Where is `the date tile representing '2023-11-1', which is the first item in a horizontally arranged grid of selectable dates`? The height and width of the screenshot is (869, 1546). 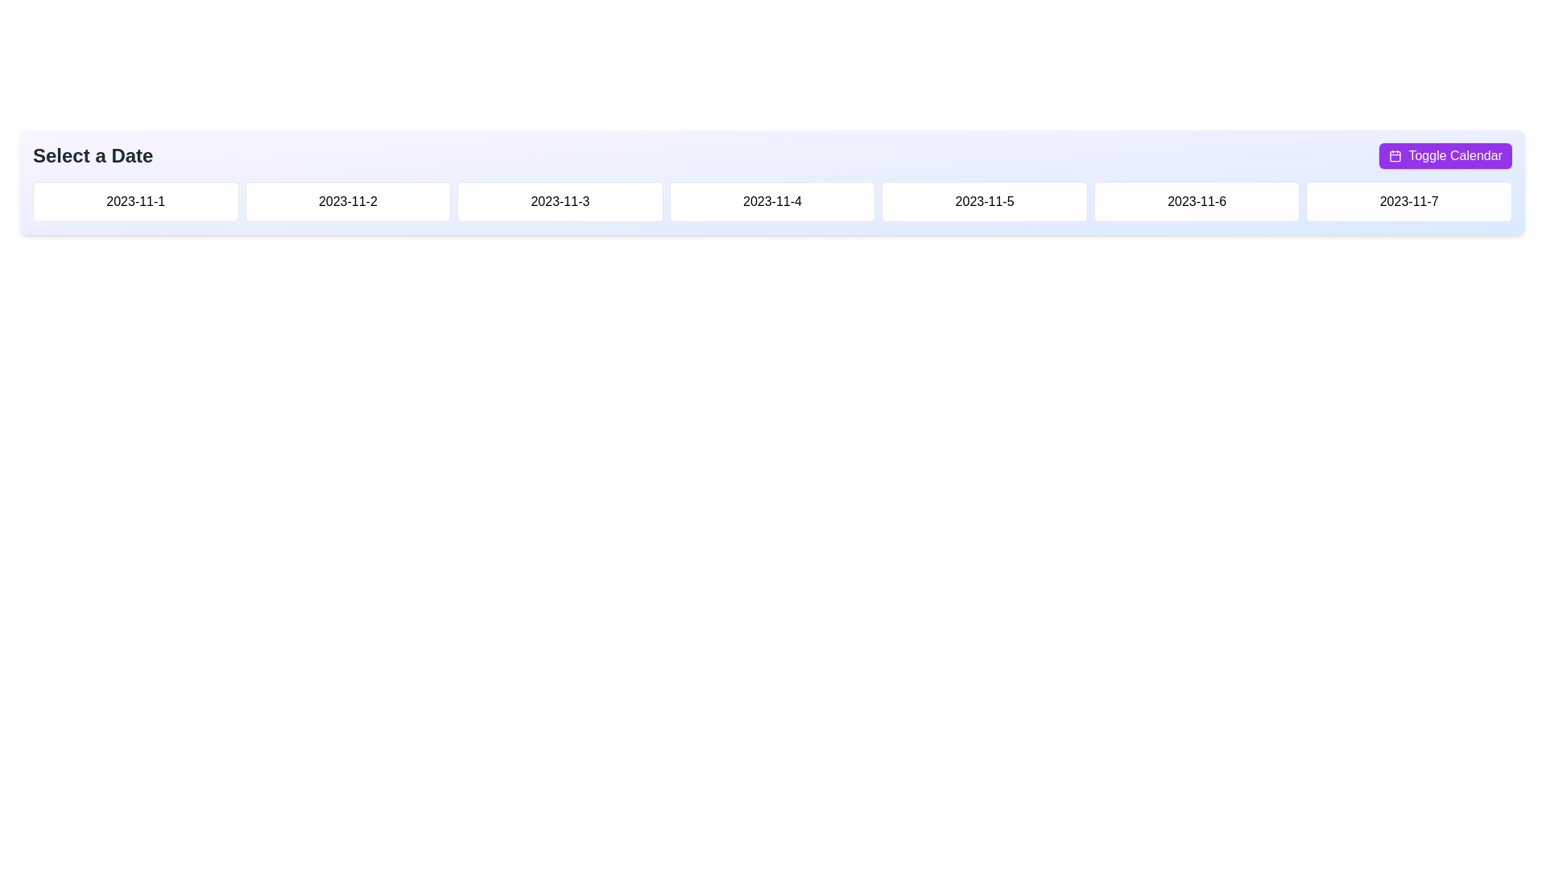
the date tile representing '2023-11-1', which is the first item in a horizontally arranged grid of selectable dates is located at coordinates (135, 200).